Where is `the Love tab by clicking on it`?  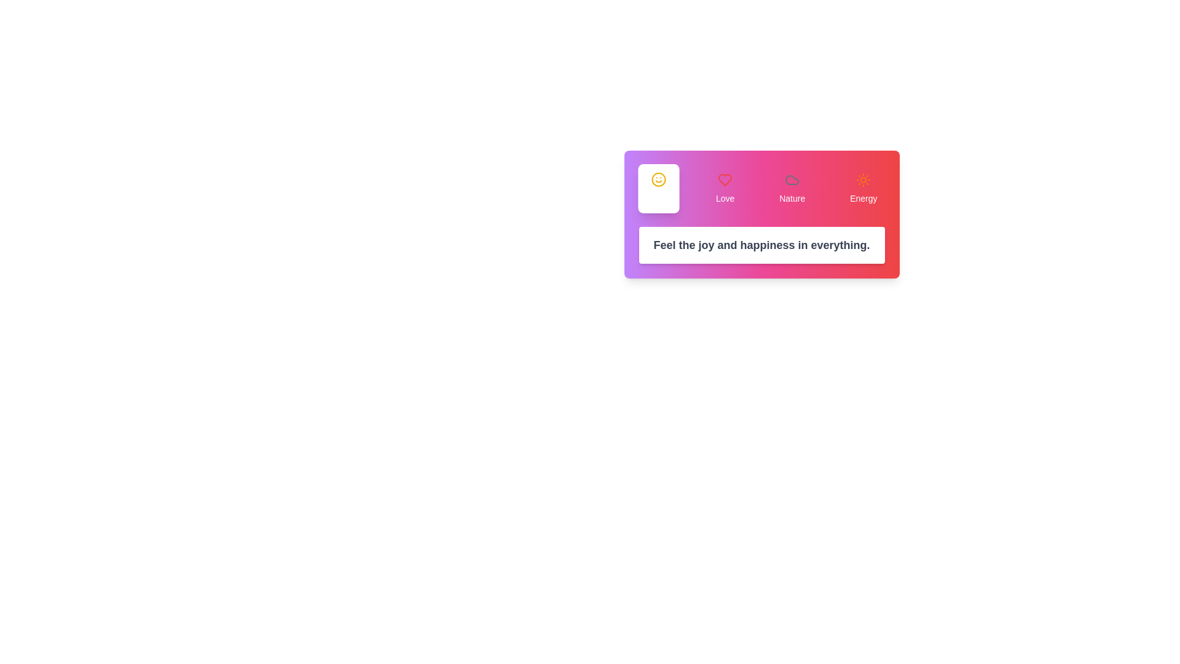
the Love tab by clicking on it is located at coordinates (725, 189).